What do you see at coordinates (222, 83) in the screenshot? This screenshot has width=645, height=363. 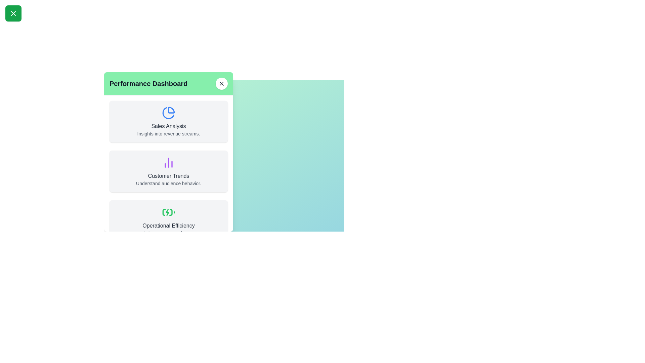 I see `the circular button with a white background and green border, featuring a black 'X' icon` at bounding box center [222, 83].